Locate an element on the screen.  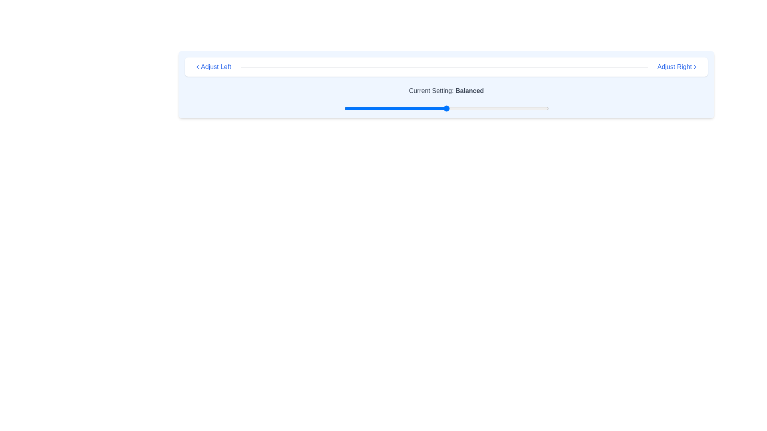
the slider is located at coordinates (514, 109).